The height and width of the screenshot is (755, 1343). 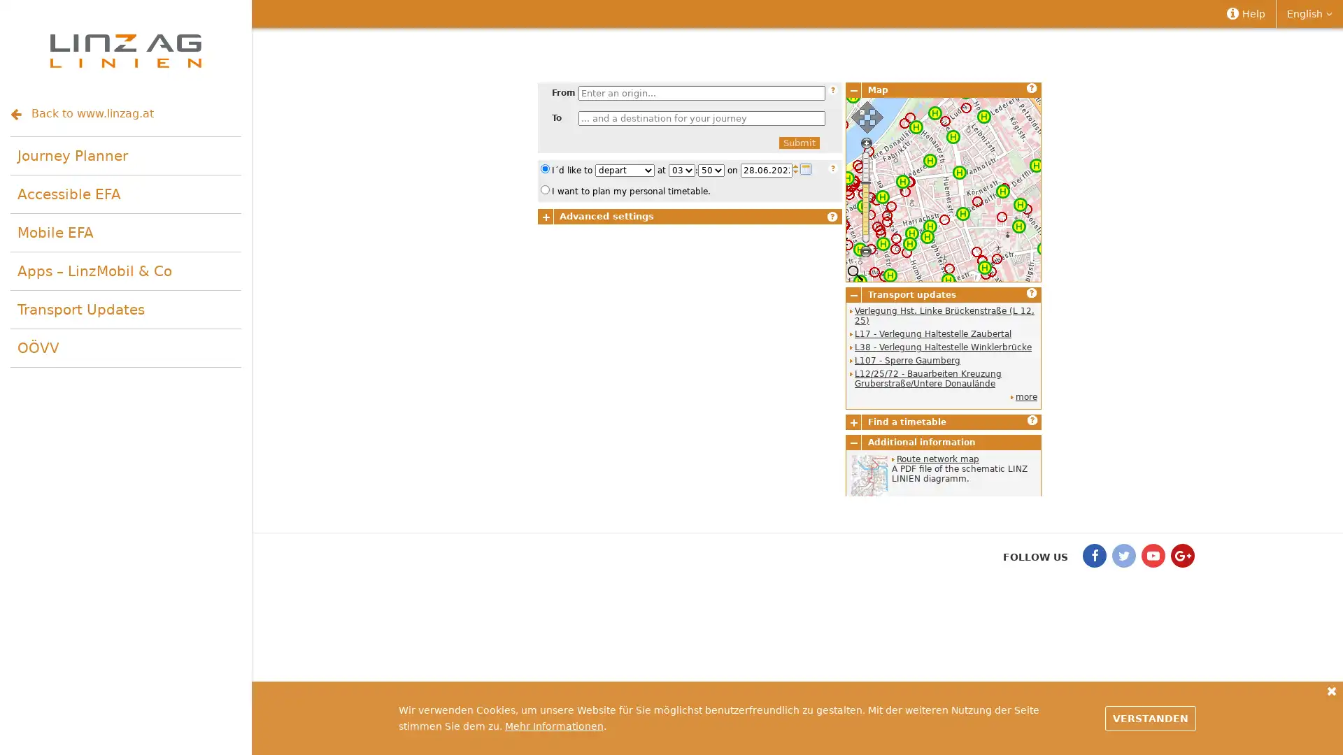 What do you see at coordinates (1151, 717) in the screenshot?
I see `VERSTANDEN` at bounding box center [1151, 717].